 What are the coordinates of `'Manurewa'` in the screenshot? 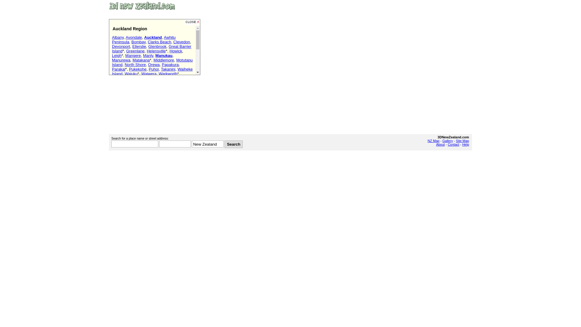 It's located at (112, 60).